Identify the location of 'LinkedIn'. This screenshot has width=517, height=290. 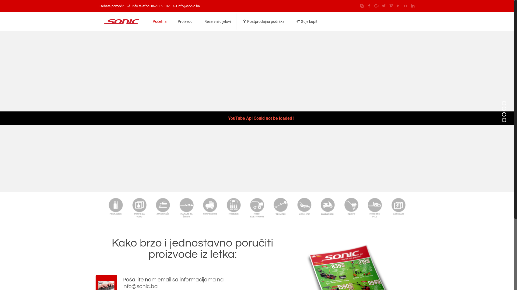
(412, 6).